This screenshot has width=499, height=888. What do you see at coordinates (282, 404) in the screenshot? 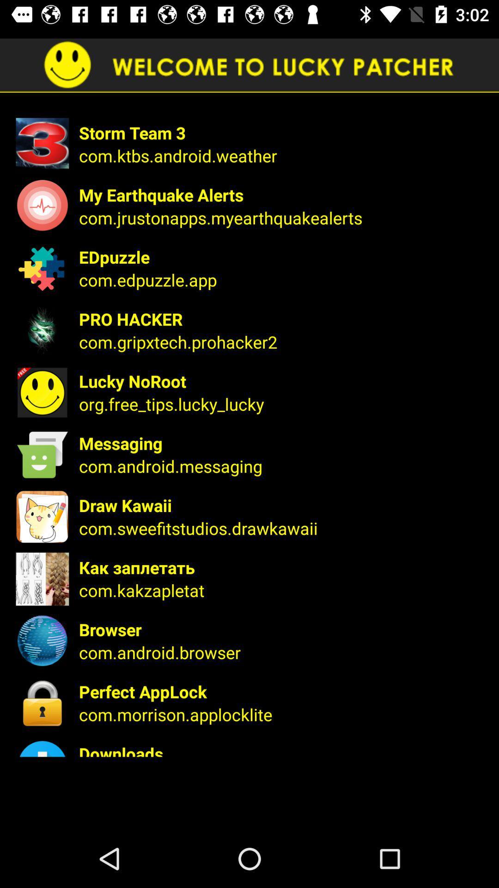
I see `the app above the messaging item` at bounding box center [282, 404].